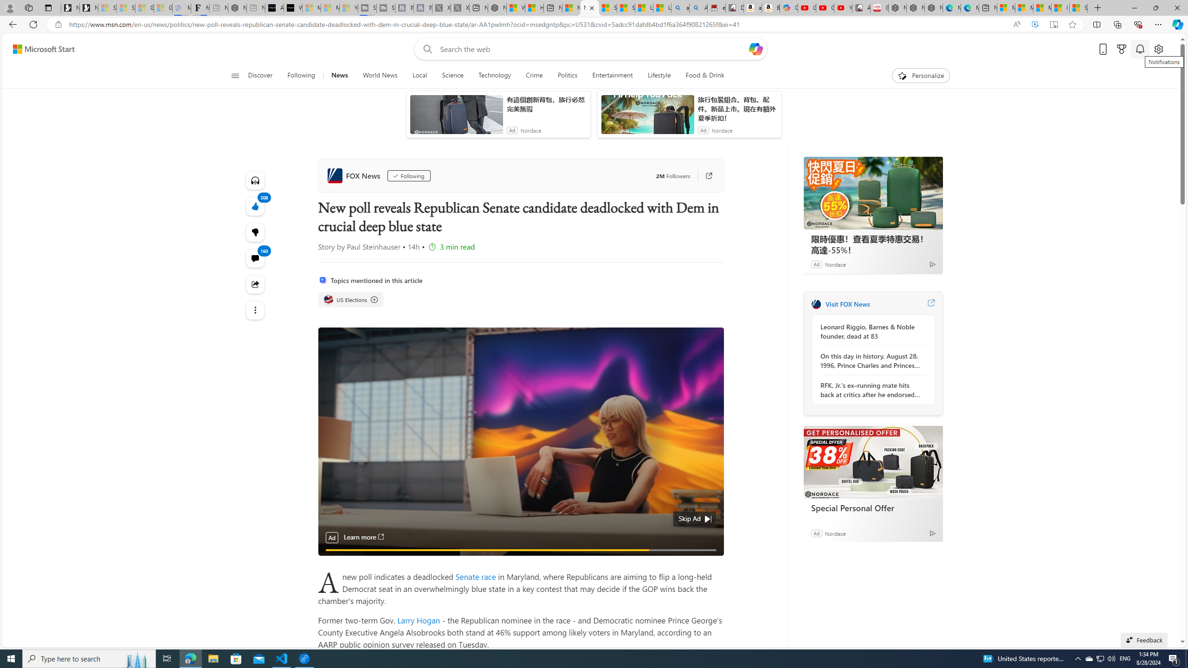 Image resolution: width=1188 pixels, height=668 pixels. Describe the element at coordinates (612, 75) in the screenshot. I see `'Entertainment'` at that location.